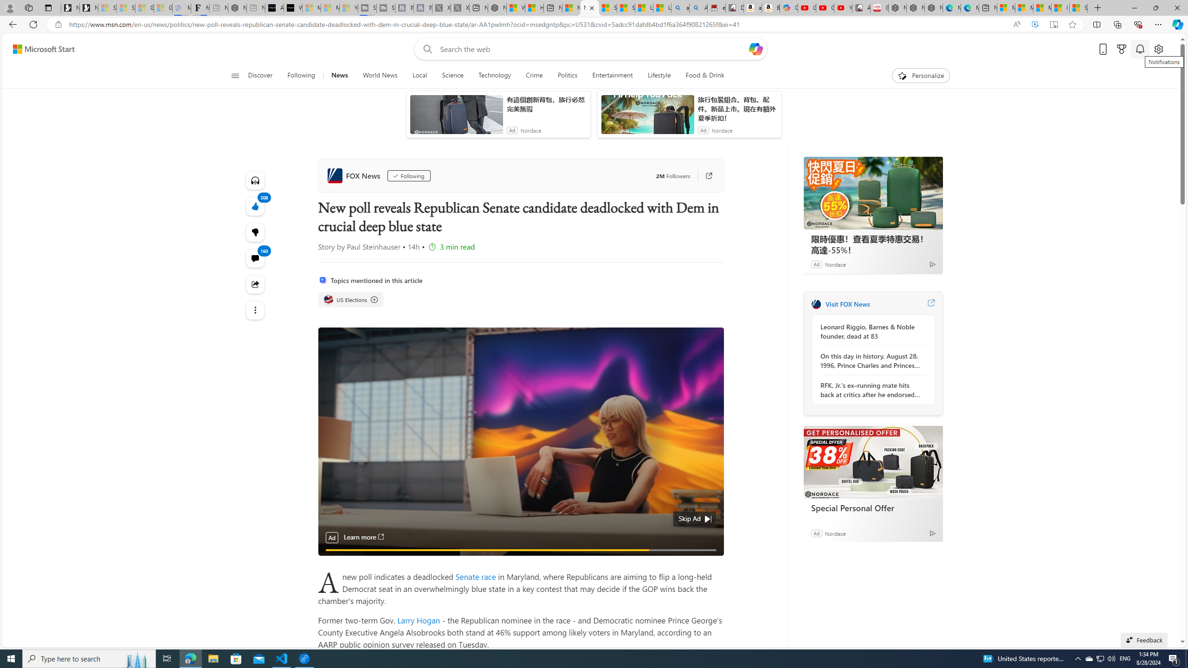 Image resolution: width=1188 pixels, height=668 pixels. Describe the element at coordinates (612, 75) in the screenshot. I see `'Entertainment'` at that location.